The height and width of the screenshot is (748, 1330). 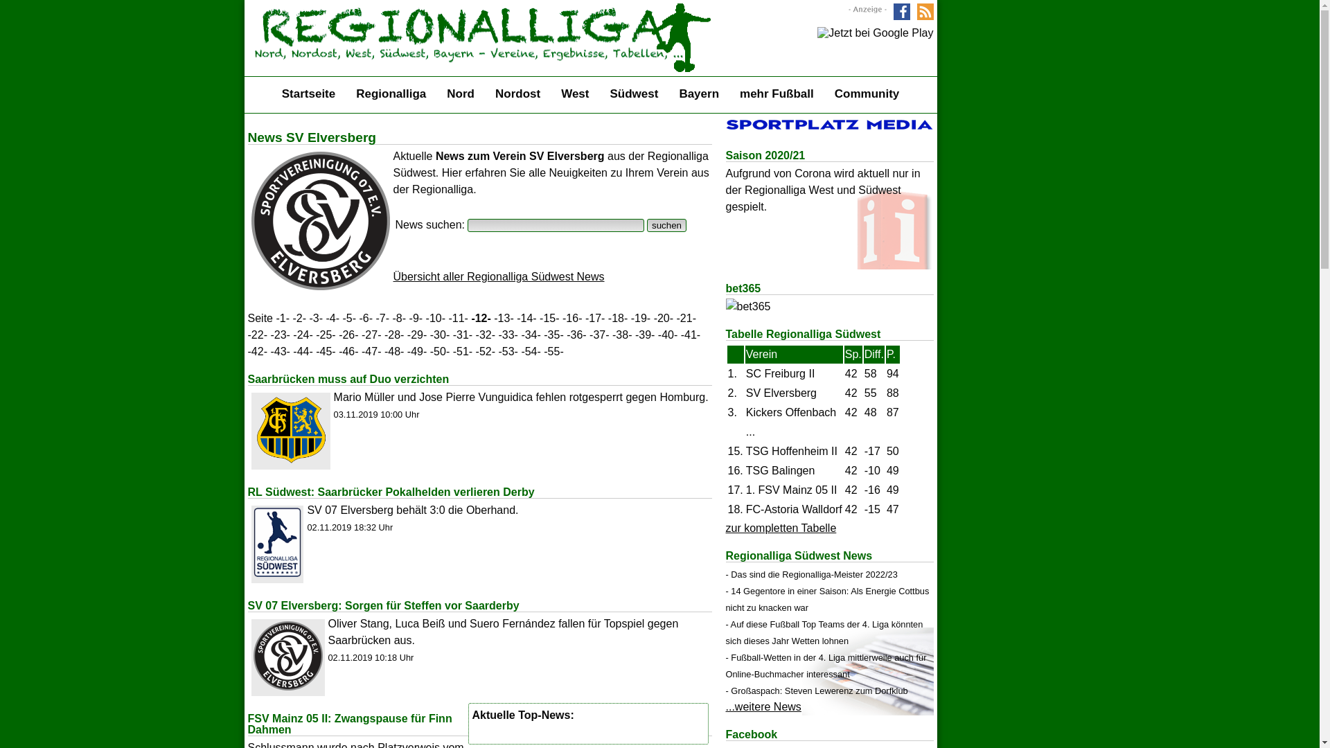 What do you see at coordinates (530, 335) in the screenshot?
I see `'-34-'` at bounding box center [530, 335].